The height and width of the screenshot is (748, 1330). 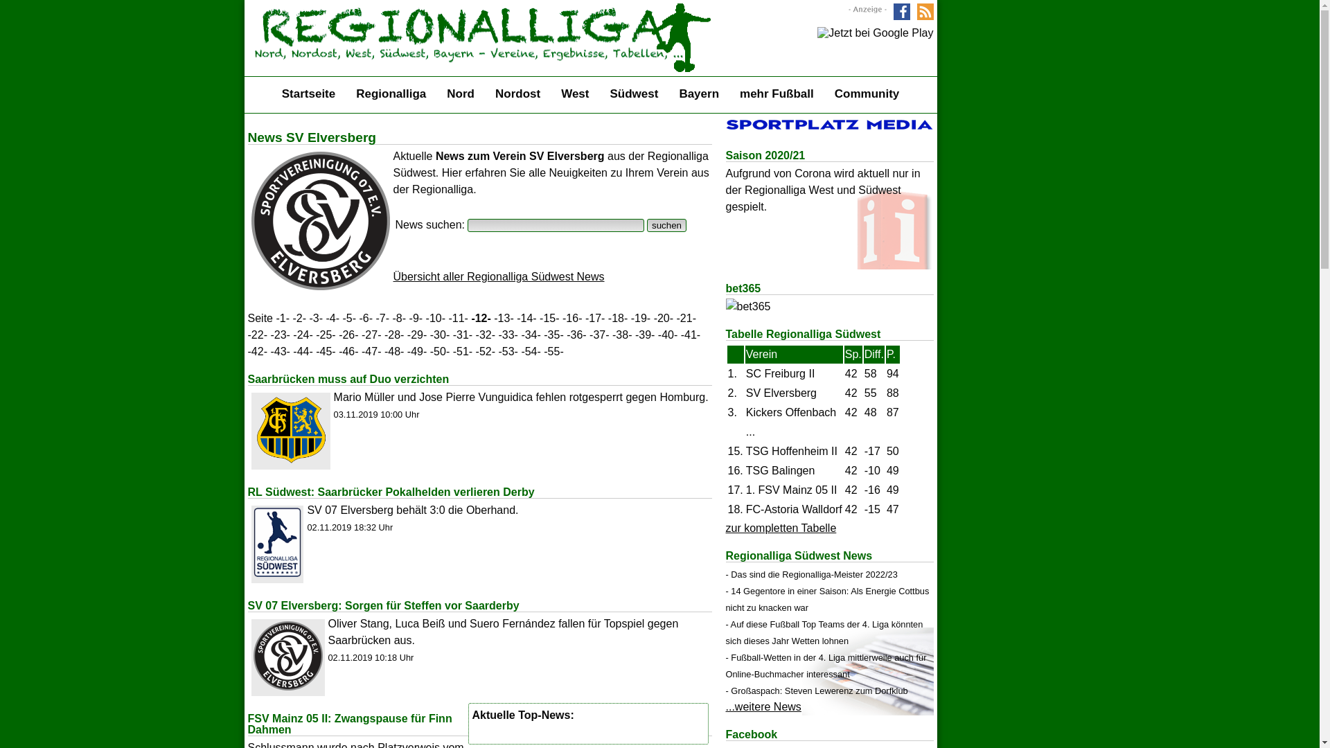 What do you see at coordinates (530, 335) in the screenshot?
I see `'-34-'` at bounding box center [530, 335].